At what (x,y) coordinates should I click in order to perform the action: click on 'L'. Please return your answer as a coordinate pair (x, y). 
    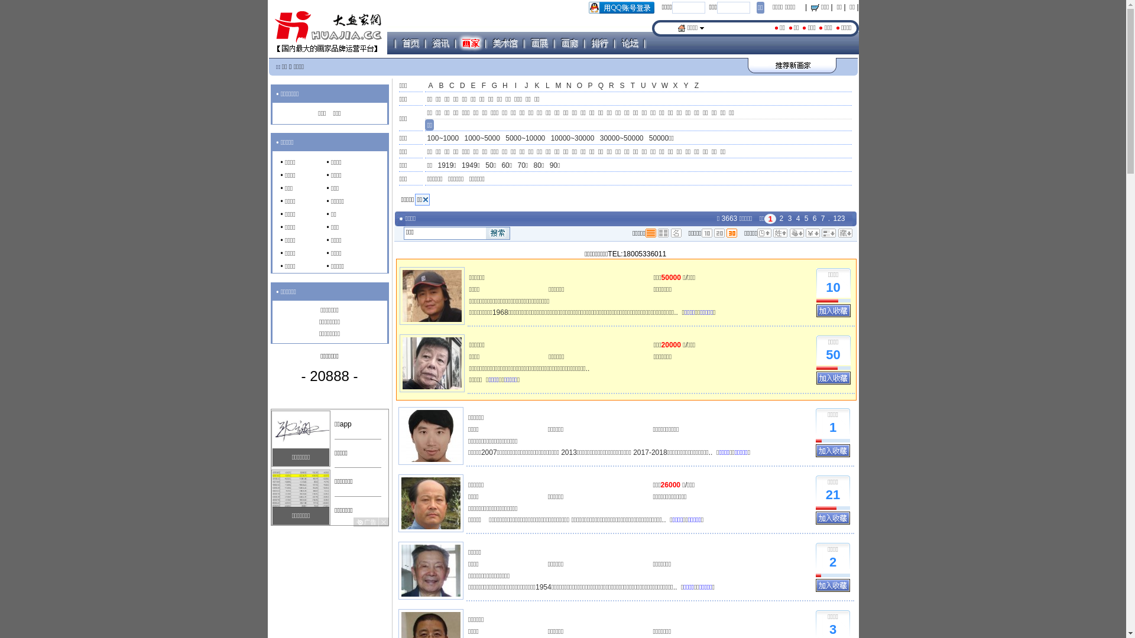
    Looking at the image, I should click on (547, 86).